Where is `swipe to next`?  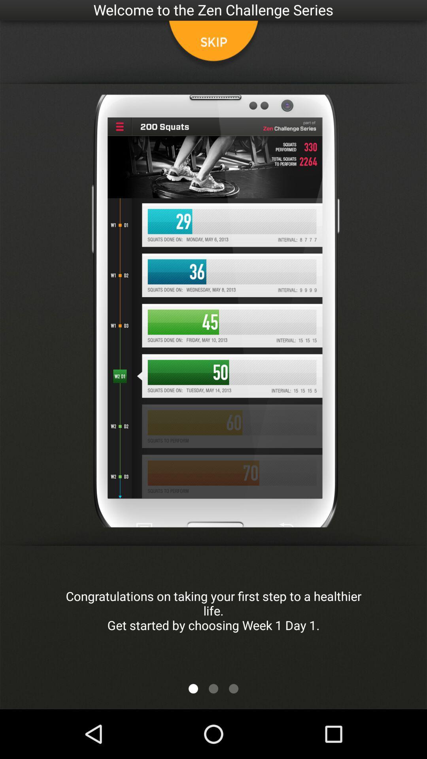
swipe to next is located at coordinates (213, 688).